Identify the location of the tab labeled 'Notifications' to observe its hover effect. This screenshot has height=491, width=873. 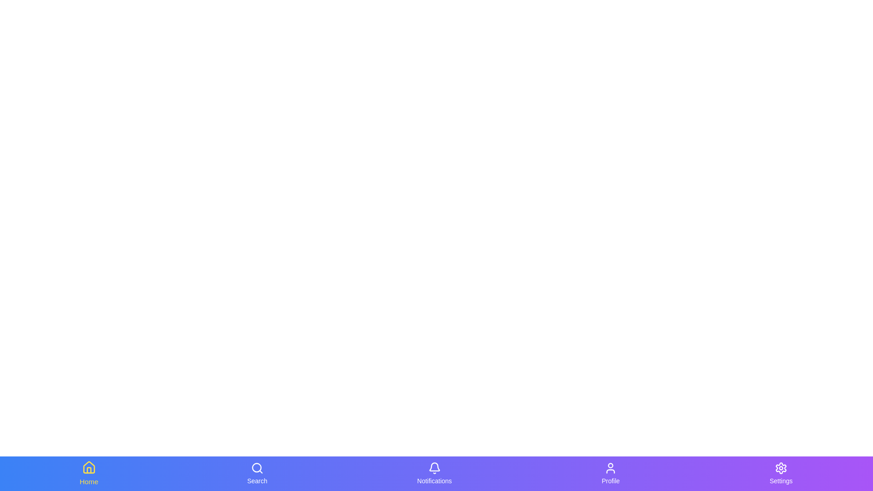
(434, 473).